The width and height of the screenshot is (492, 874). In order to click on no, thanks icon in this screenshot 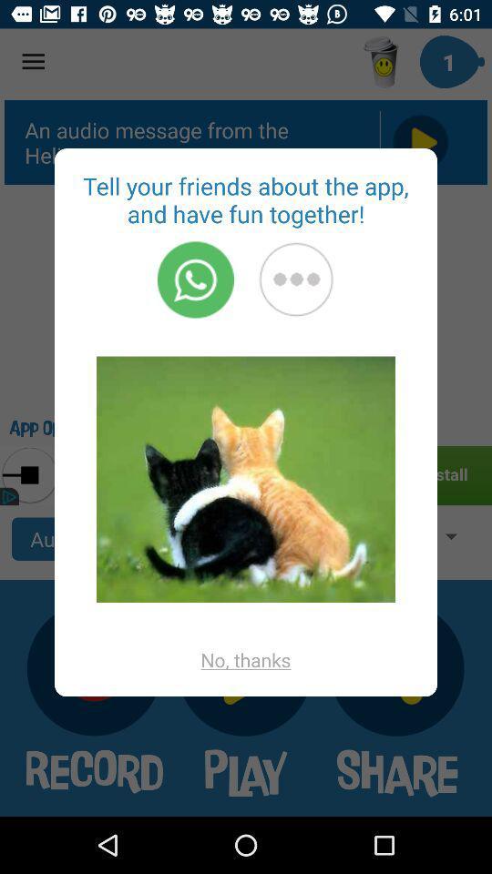, I will do `click(246, 658)`.